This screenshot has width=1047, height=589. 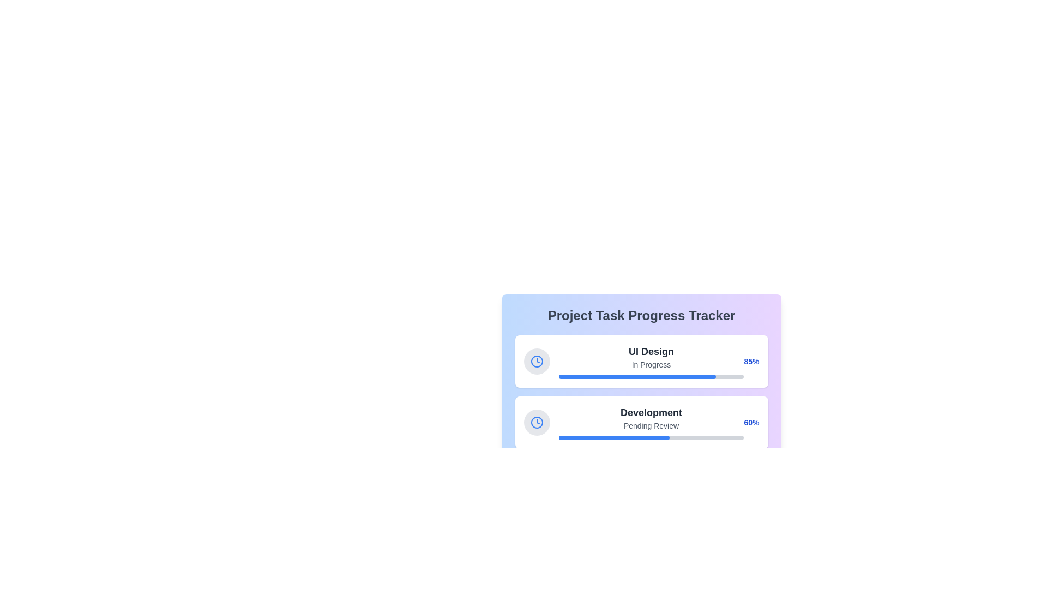 What do you see at coordinates (651, 422) in the screenshot?
I see `the text block that displays 'Development' and 'Pending Review' with a progress bar below it, located centrally in the bottom half of the display` at bounding box center [651, 422].